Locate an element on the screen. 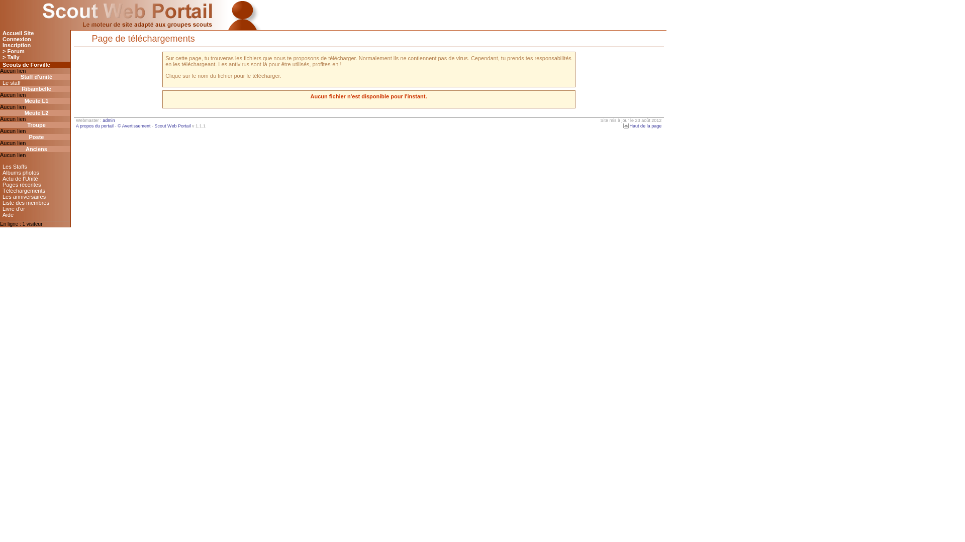 The width and height of the screenshot is (965, 542). 'Anciens' is located at coordinates (35, 149).